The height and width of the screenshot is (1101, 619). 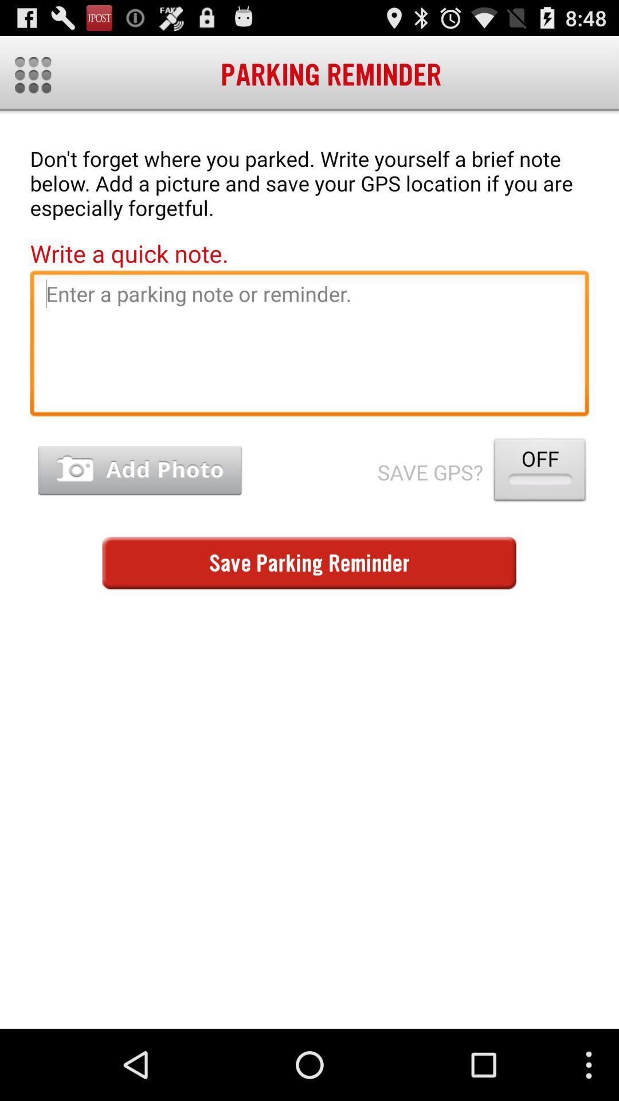 I want to click on picture, so click(x=139, y=471).